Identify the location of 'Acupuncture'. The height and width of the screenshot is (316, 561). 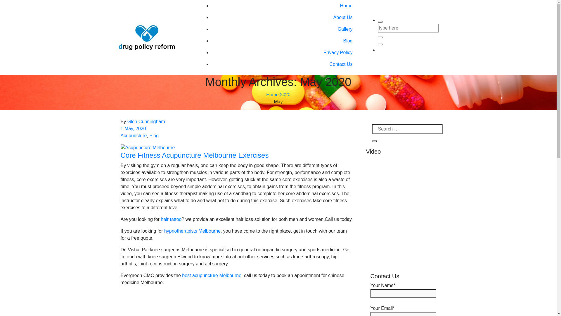
(133, 135).